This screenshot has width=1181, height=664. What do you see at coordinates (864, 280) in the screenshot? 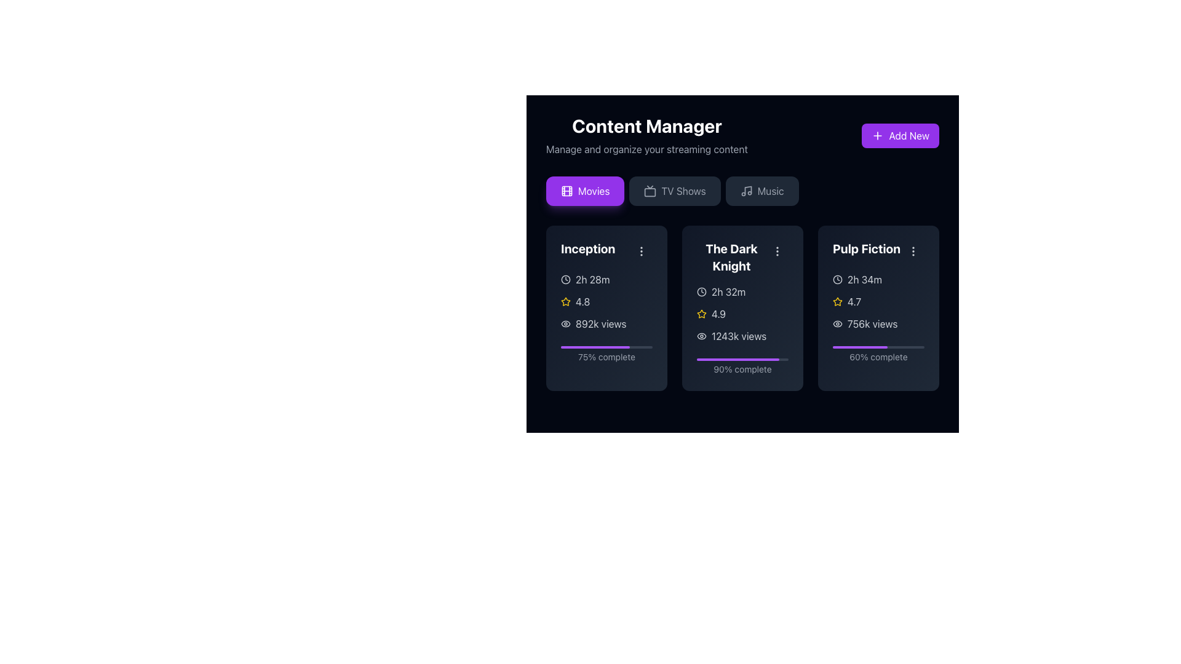
I see `the duration label displaying '2h 34m' in light gray color, located within the informational card for the movie 'Pulp Fiction', adjacent to a clock icon` at bounding box center [864, 280].